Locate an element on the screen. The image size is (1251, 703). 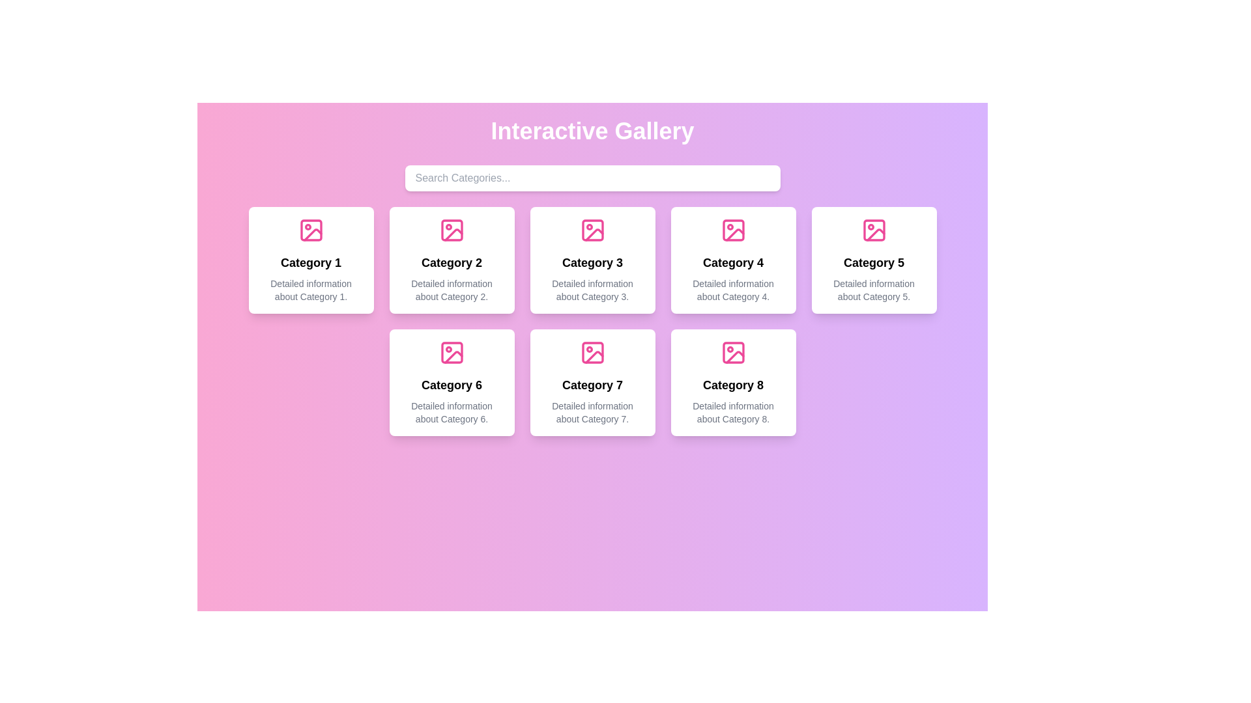
displayed content of the informational card representing 'Category 6', located in the bottom-left of the second row of a grid layout is located at coordinates (452, 381).